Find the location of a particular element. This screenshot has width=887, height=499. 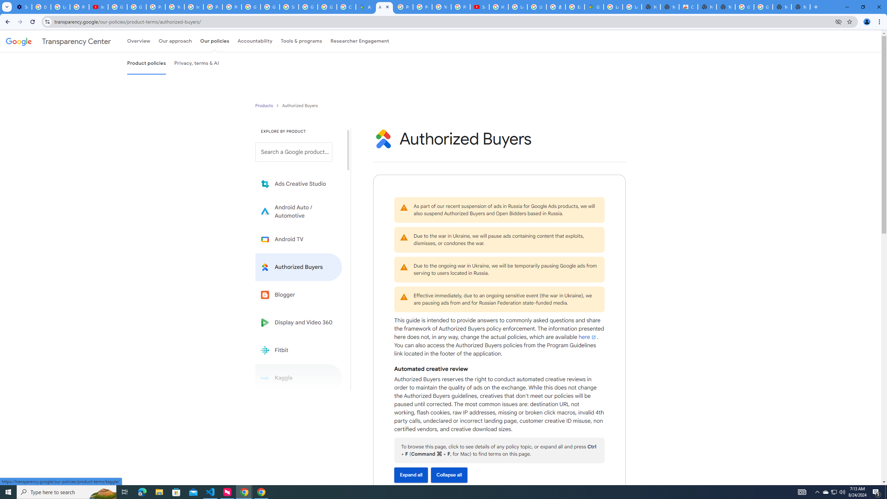

'Settings - Performance' is located at coordinates (22, 7).